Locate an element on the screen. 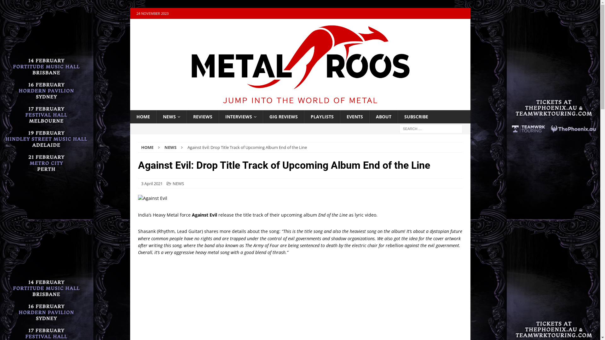 This screenshot has width=605, height=340. 'HOME' is located at coordinates (142, 116).